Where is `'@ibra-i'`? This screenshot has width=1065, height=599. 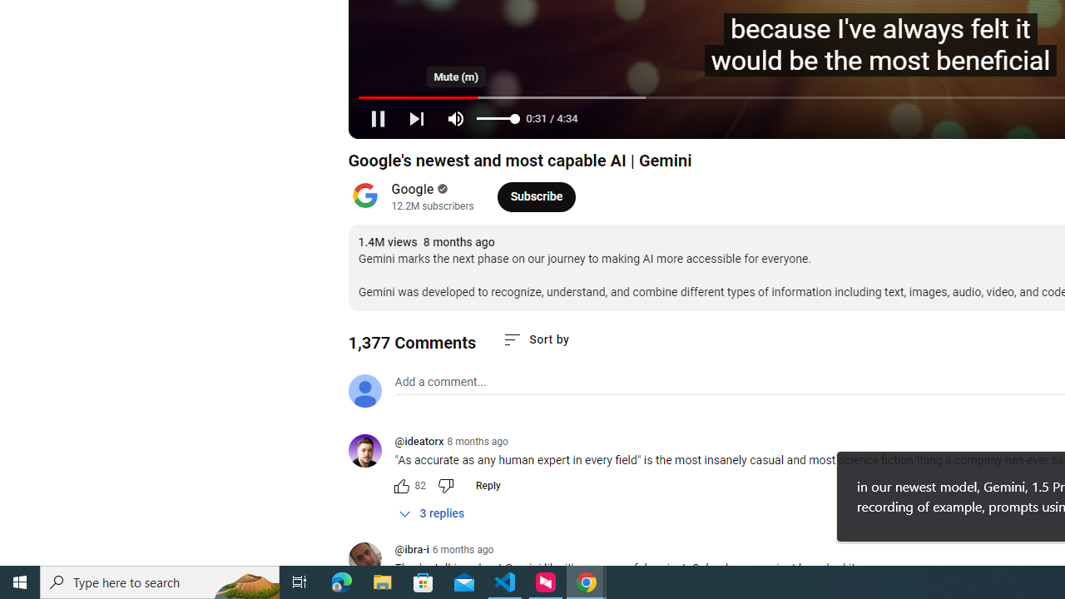 '@ibra-i' is located at coordinates (411, 551).